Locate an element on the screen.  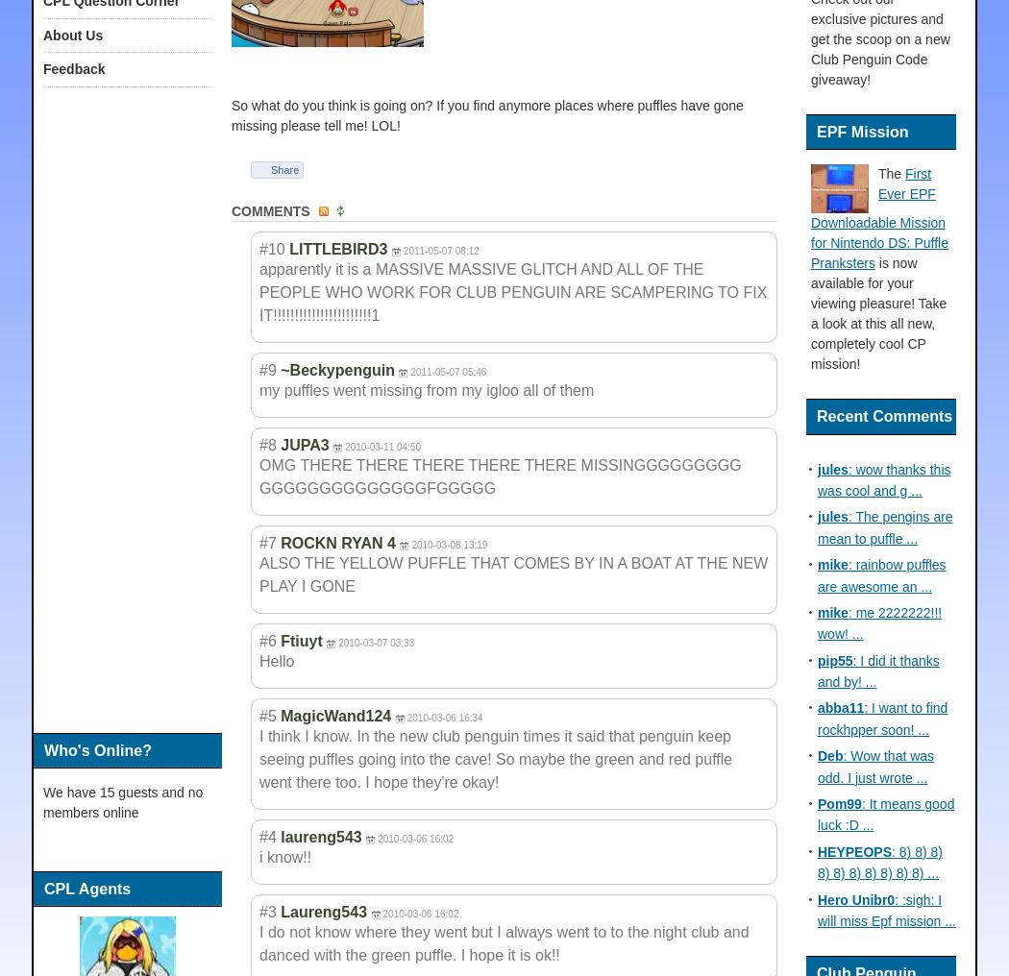
'#8' is located at coordinates (266, 445).